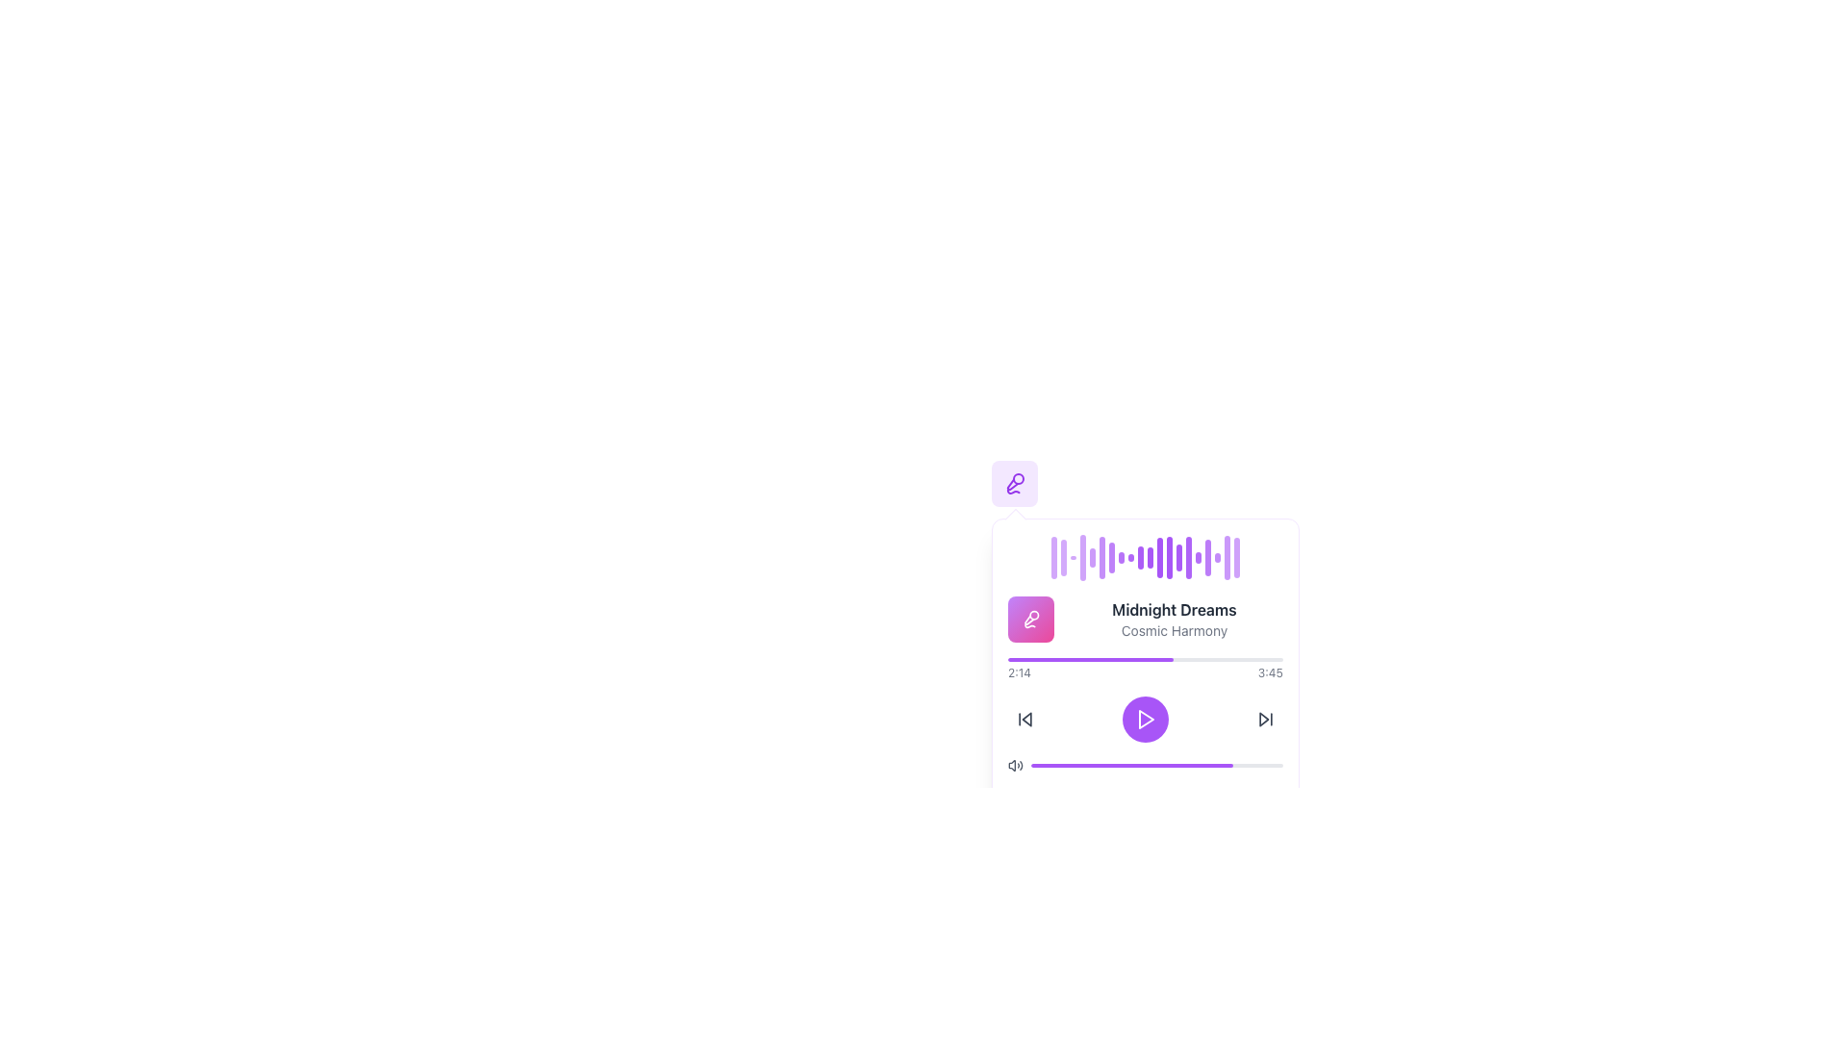  I want to click on the triangular play button located in the center of the circular purple button within the media player interface for visual feedback, so click(1145, 720).